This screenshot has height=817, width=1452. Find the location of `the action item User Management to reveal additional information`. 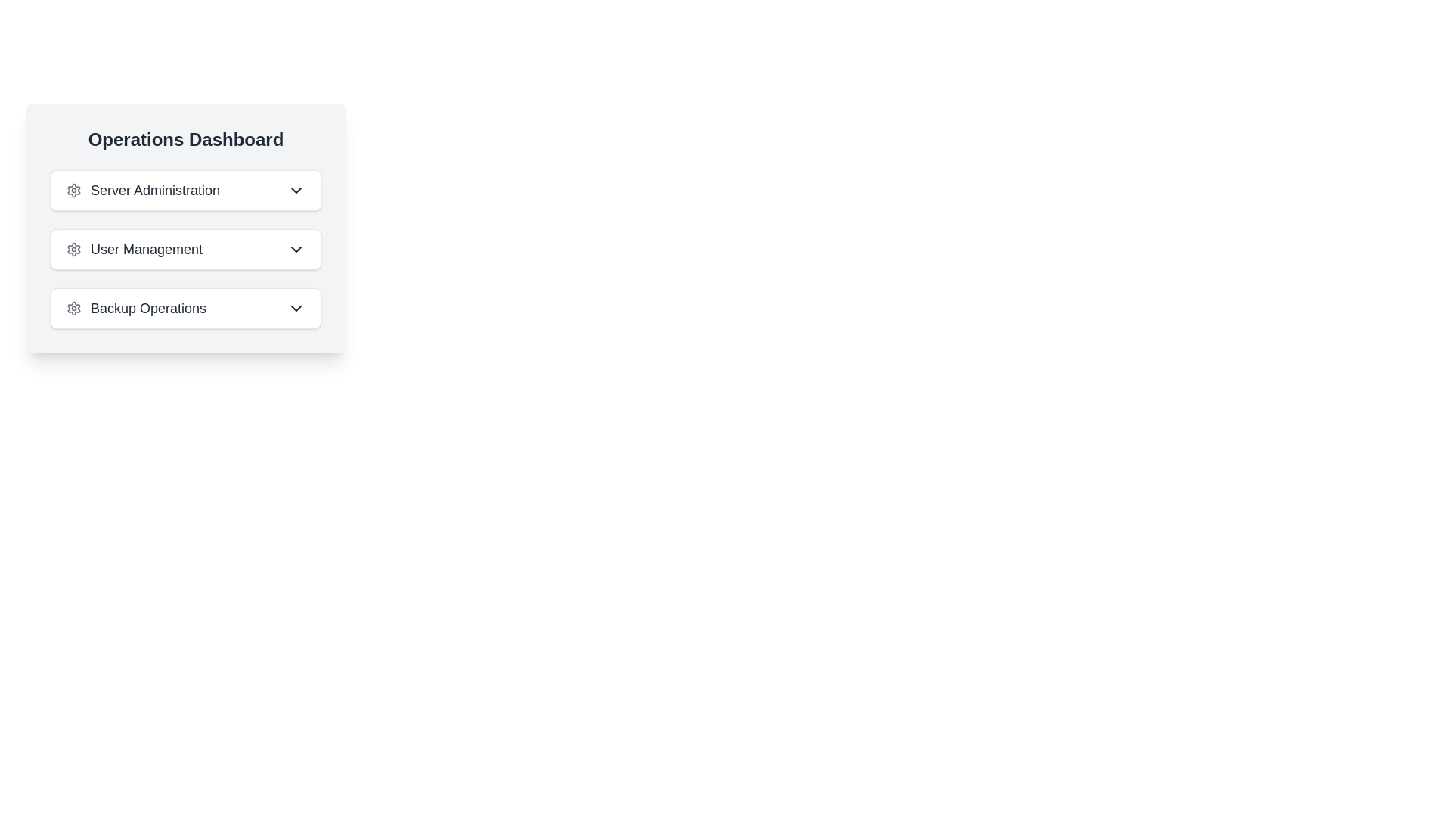

the action item User Management to reveal additional information is located at coordinates (185, 249).